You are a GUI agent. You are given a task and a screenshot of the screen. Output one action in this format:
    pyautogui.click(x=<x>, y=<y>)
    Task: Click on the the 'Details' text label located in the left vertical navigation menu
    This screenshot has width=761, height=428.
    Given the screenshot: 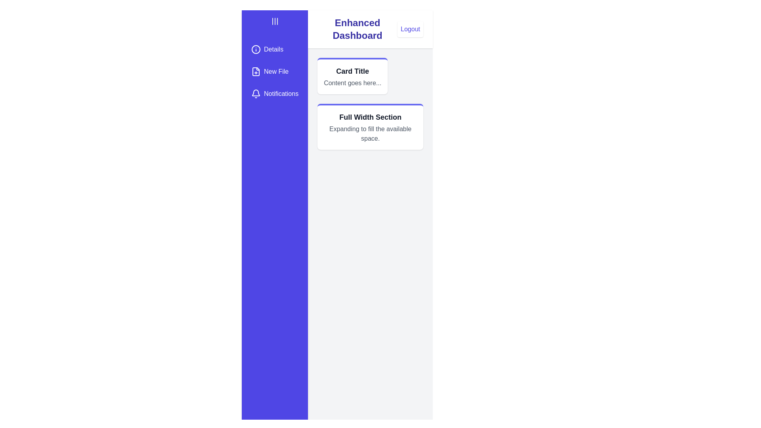 What is the action you would take?
    pyautogui.click(x=273, y=49)
    